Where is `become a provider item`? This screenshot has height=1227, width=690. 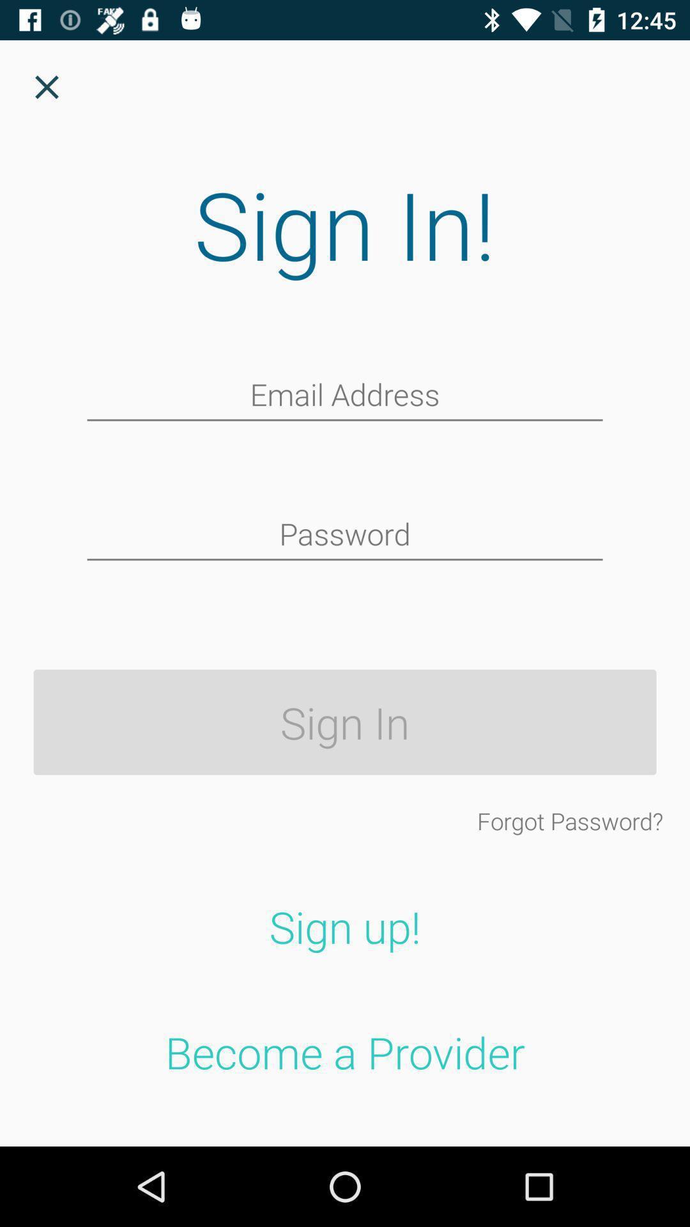 become a provider item is located at coordinates (345, 1052).